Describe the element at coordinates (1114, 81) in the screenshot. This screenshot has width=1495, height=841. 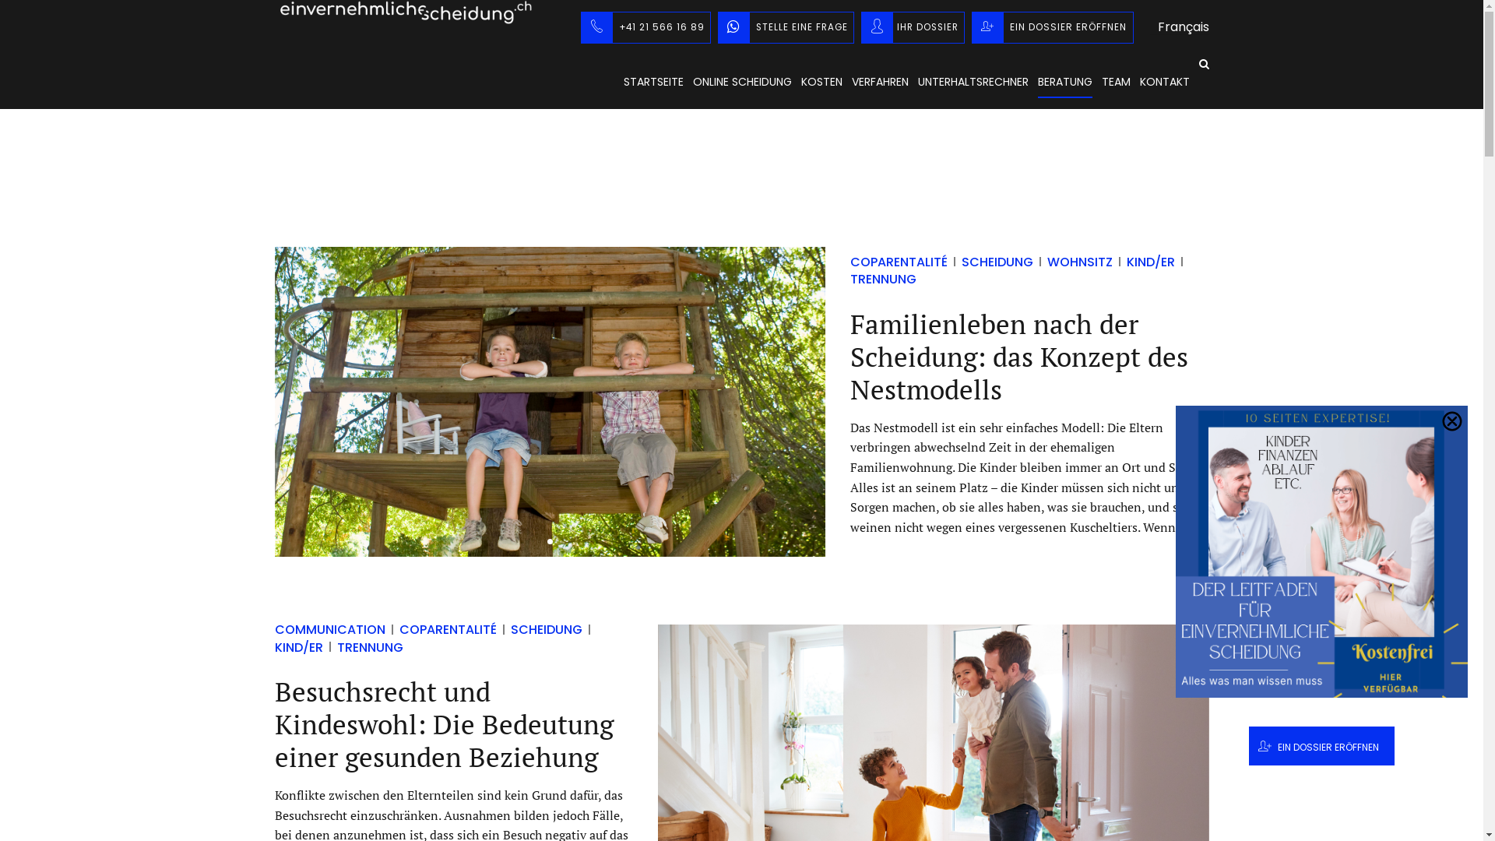
I see `'TEAM'` at that location.